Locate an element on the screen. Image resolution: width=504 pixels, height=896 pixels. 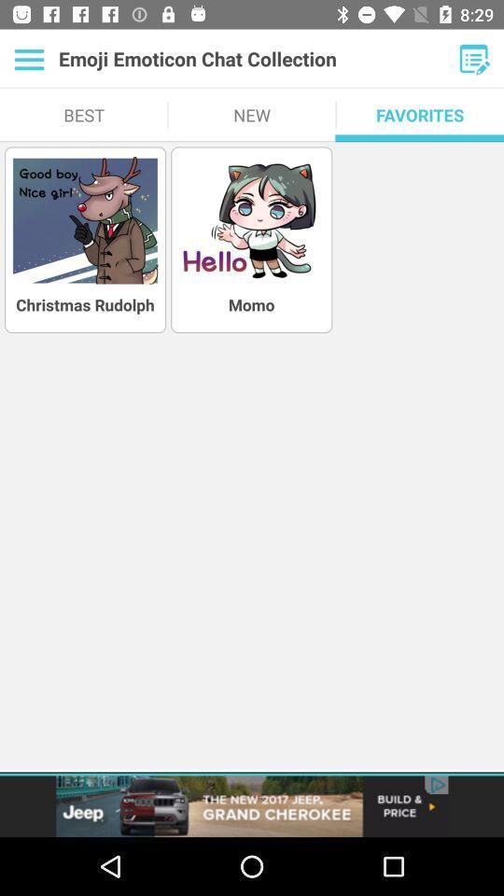
menu list is located at coordinates (28, 59).